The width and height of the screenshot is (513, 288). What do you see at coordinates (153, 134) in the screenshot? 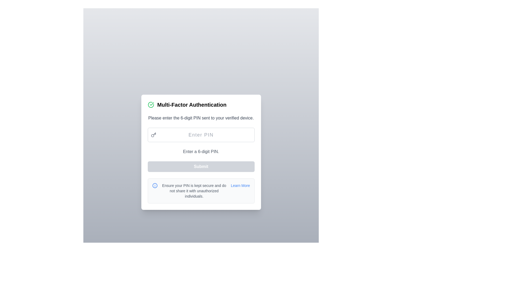
I see `the gray key icon located on the left side of the 'Enter PIN' text input field` at bounding box center [153, 134].